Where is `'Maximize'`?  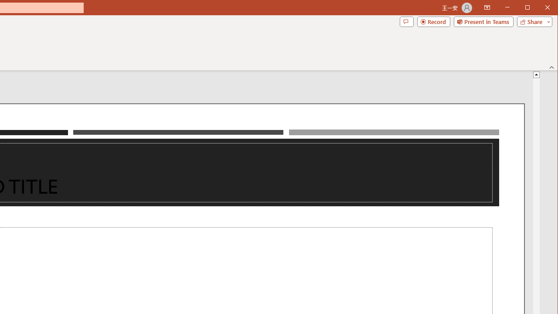 'Maximize' is located at coordinates (540, 8).